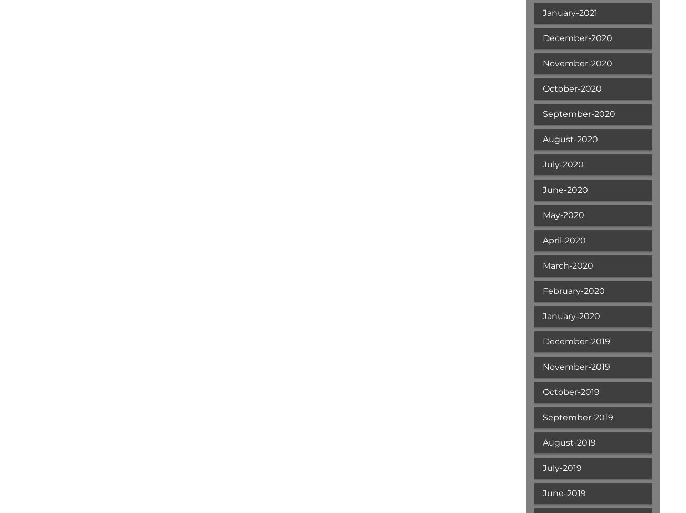  What do you see at coordinates (542, 214) in the screenshot?
I see `'May-2020'` at bounding box center [542, 214].